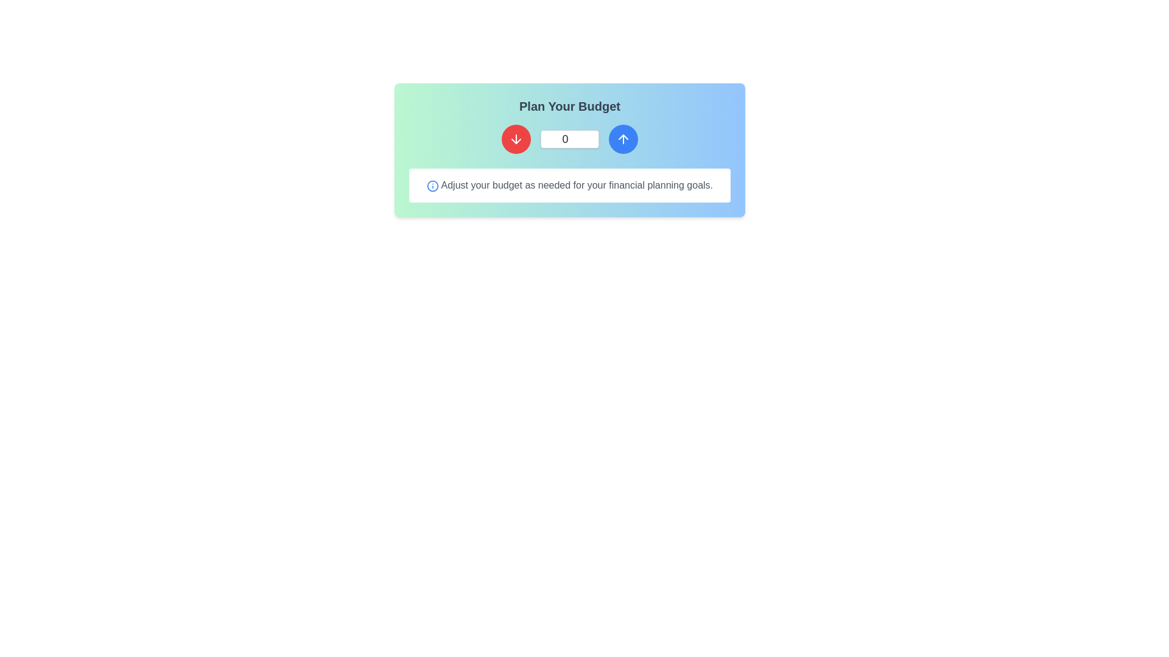  What do you see at coordinates (516, 138) in the screenshot?
I see `the Icon Button located within the red circular button to enable keyboard inputs for decrementing the numeric value displayed nearby` at bounding box center [516, 138].